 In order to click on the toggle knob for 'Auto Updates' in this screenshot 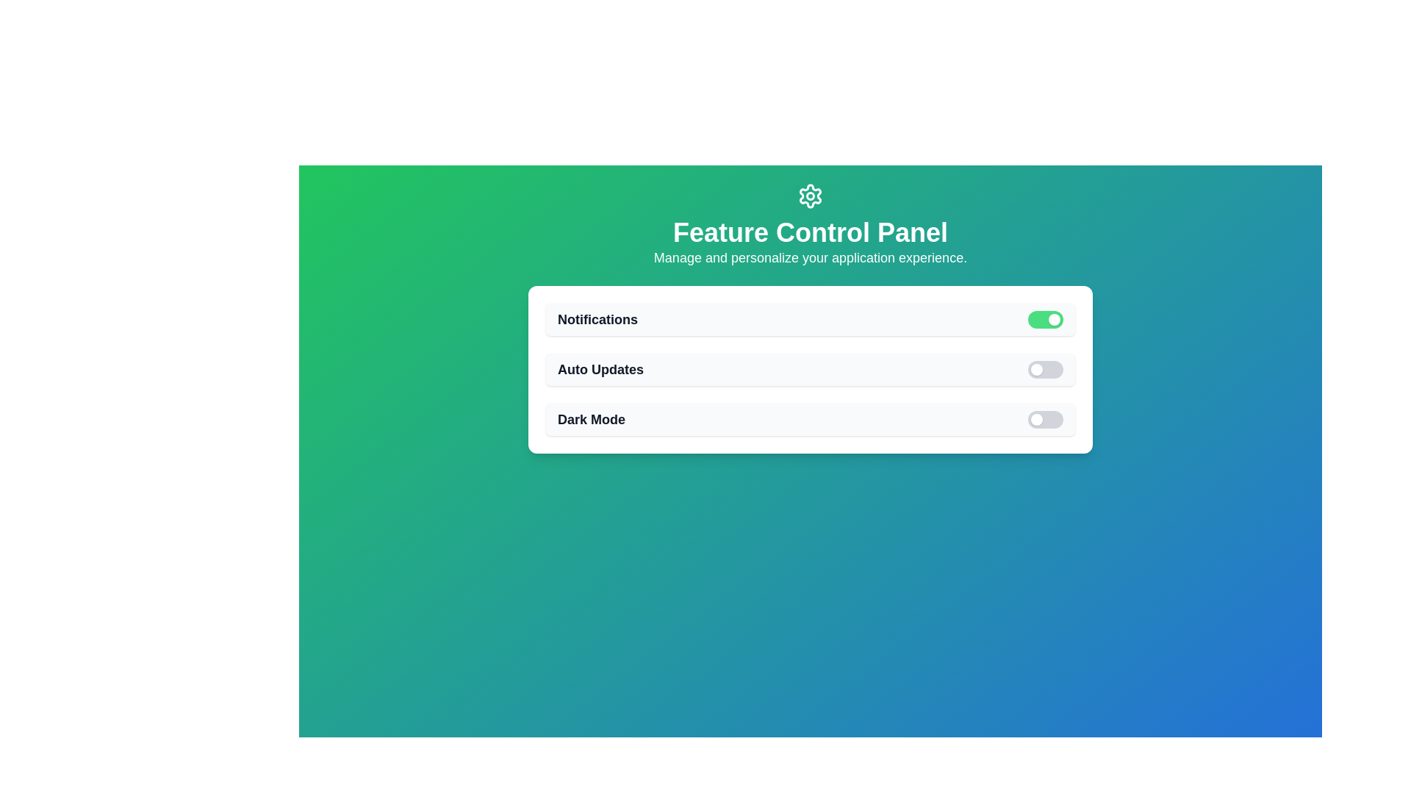, I will do `click(1036, 368)`.